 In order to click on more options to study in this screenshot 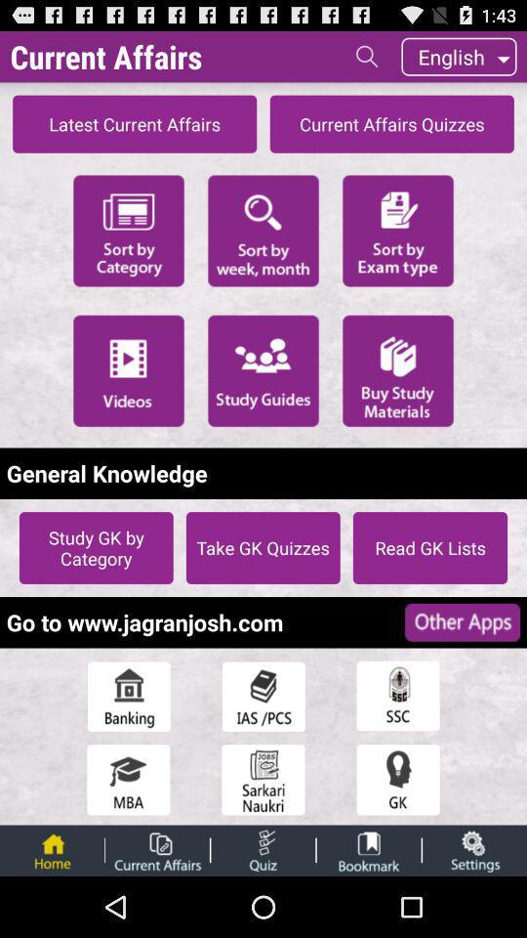, I will do `click(263, 369)`.